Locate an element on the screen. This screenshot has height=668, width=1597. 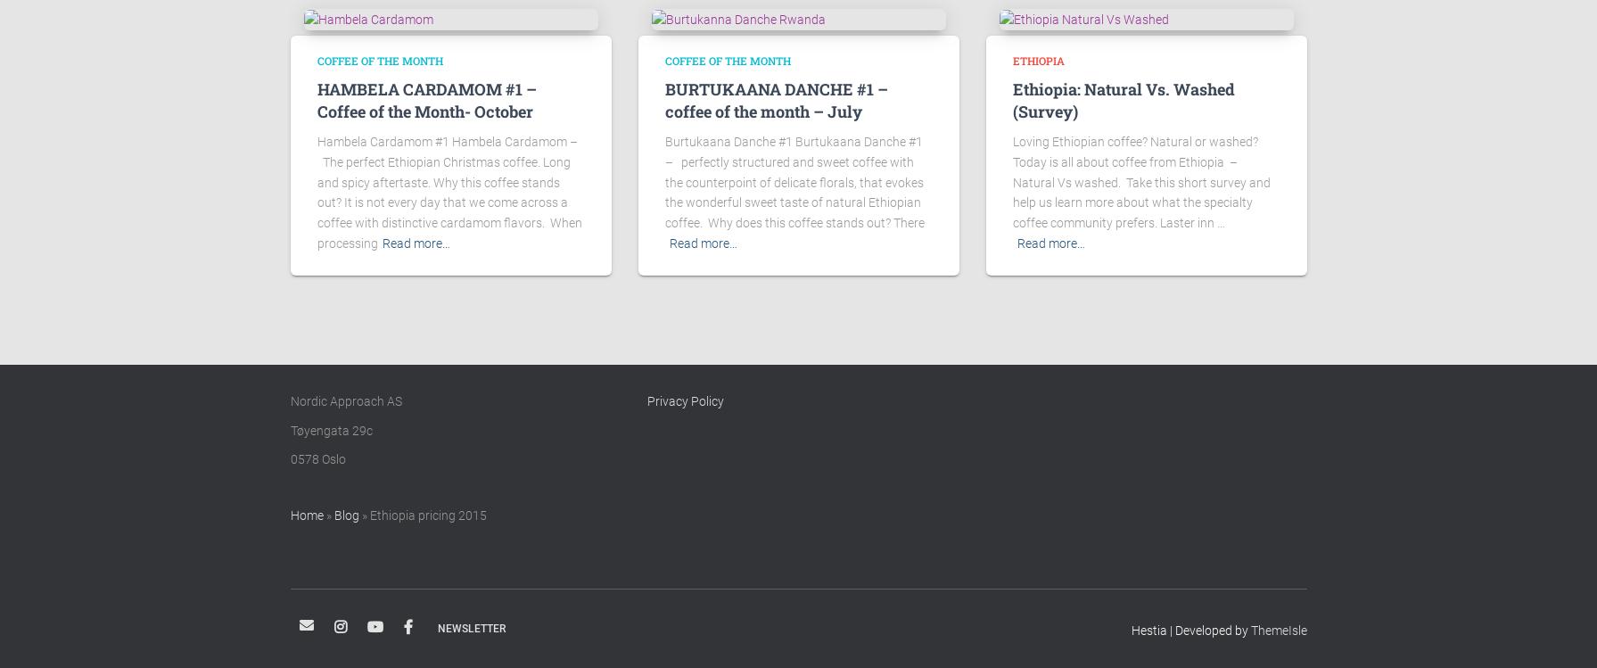
'Ethiopia: Natural Vs. Washed (Survey)' is located at coordinates (1122, 99).